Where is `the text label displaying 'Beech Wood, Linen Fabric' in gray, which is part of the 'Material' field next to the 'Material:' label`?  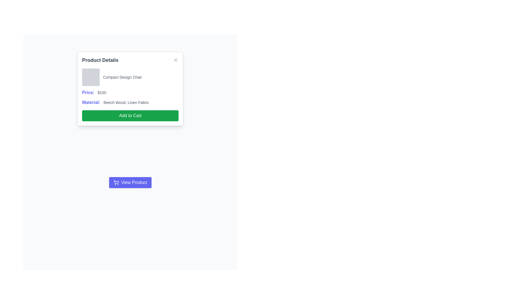 the text label displaying 'Beech Wood, Linen Fabric' in gray, which is part of the 'Material' field next to the 'Material:' label is located at coordinates (126, 103).